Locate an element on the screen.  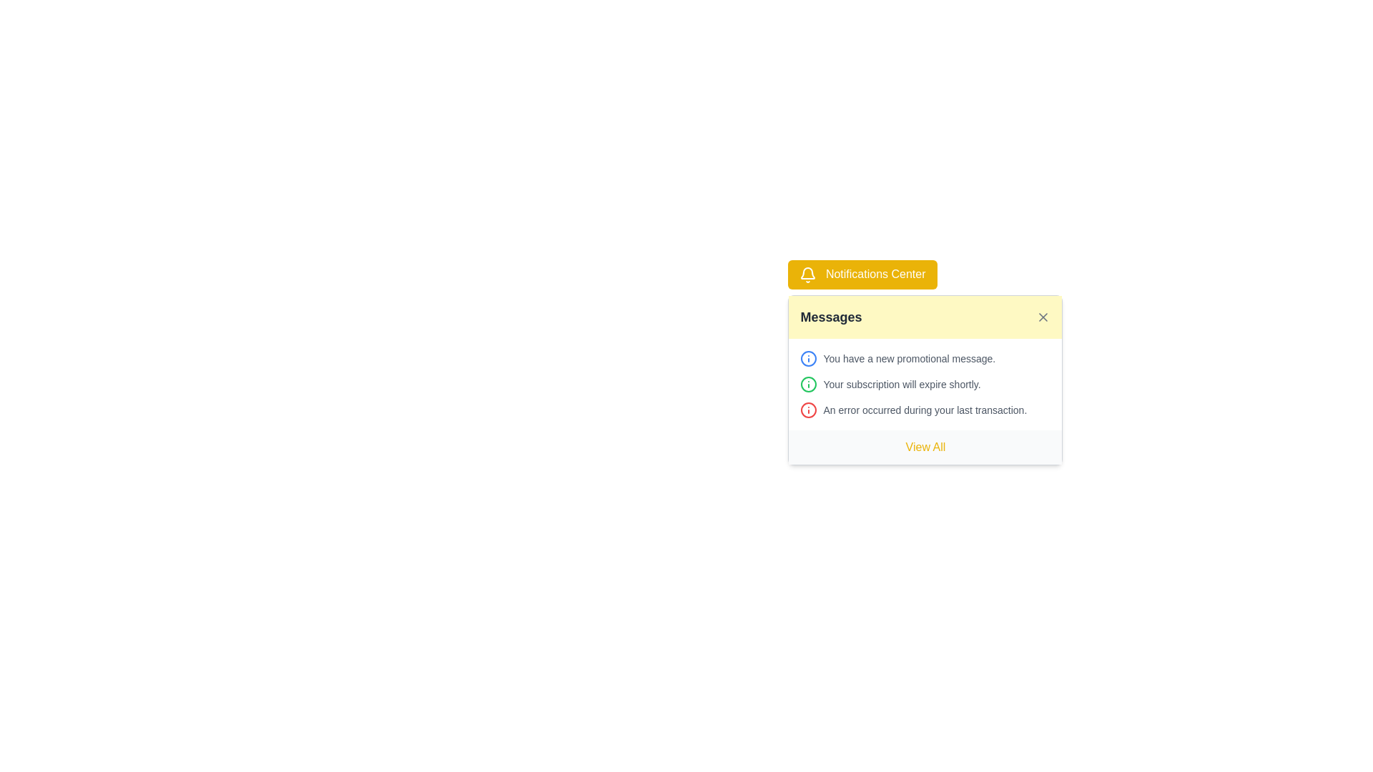
the text snippet reading 'Your subscription will expire shortly.' located in the second row of the notification list in the 'Messages' section of the notification center panel is located at coordinates (901, 383).